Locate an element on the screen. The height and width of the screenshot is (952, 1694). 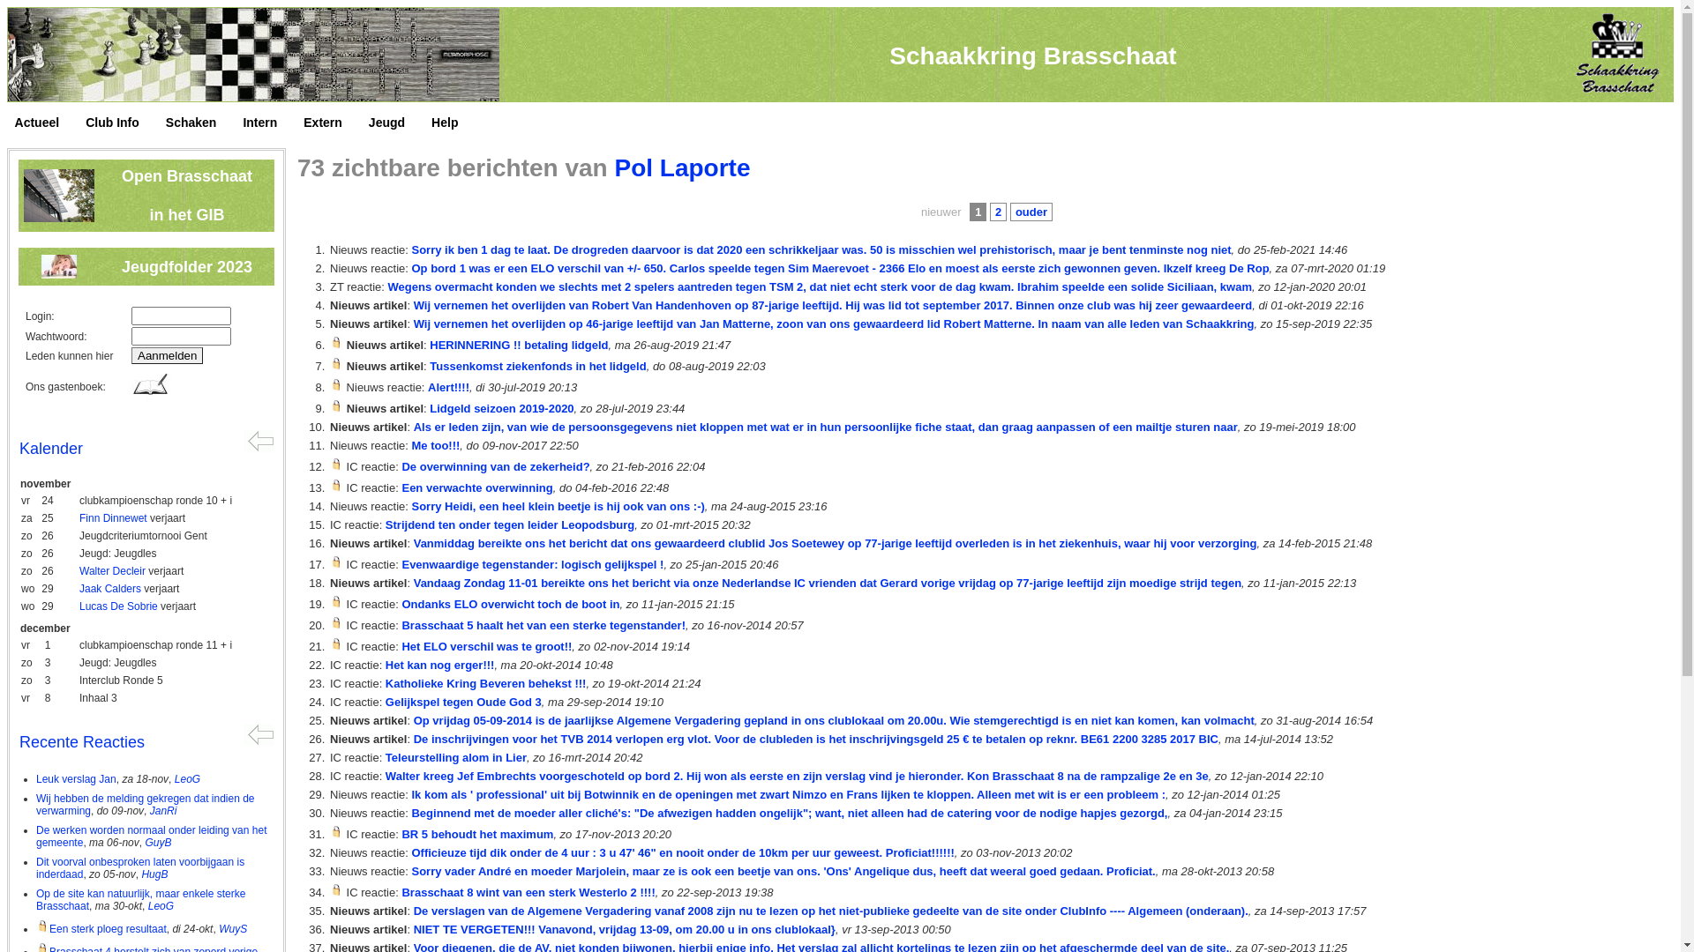
'Enkel zichtbaar voor clubleden' is located at coordinates (336, 562).